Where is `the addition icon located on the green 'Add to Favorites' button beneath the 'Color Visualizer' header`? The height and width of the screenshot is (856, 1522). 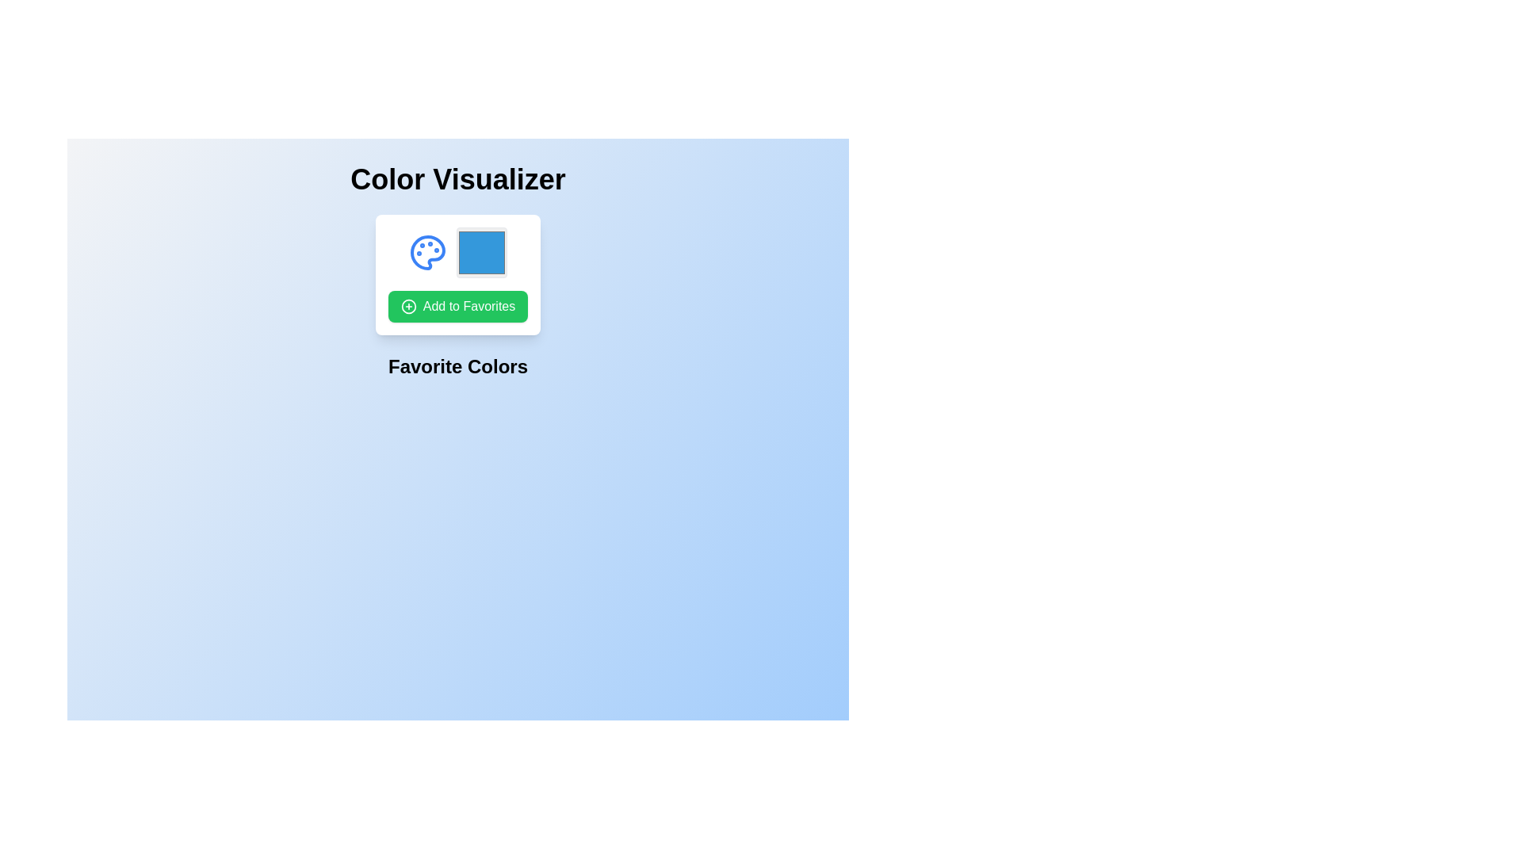
the addition icon located on the green 'Add to Favorites' button beneath the 'Color Visualizer' header is located at coordinates (408, 306).